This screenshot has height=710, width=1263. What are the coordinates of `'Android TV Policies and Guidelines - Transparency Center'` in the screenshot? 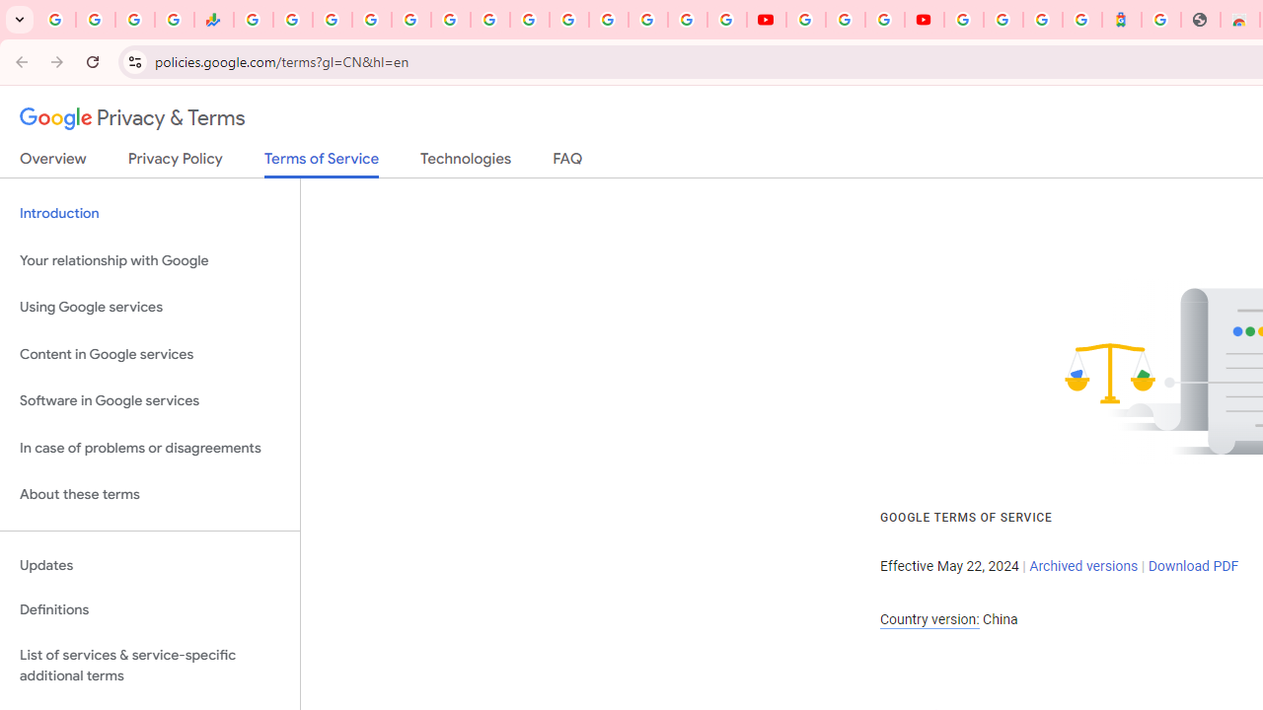 It's located at (490, 20).